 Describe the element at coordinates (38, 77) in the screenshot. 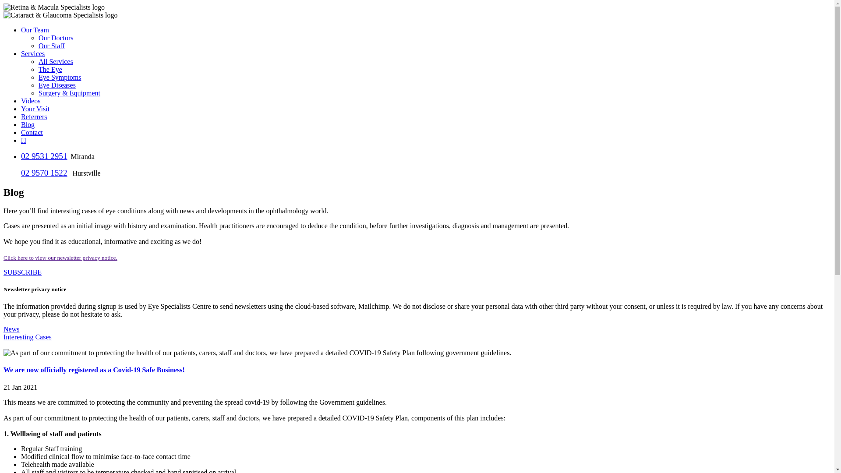

I see `'Eye Symptoms'` at that location.